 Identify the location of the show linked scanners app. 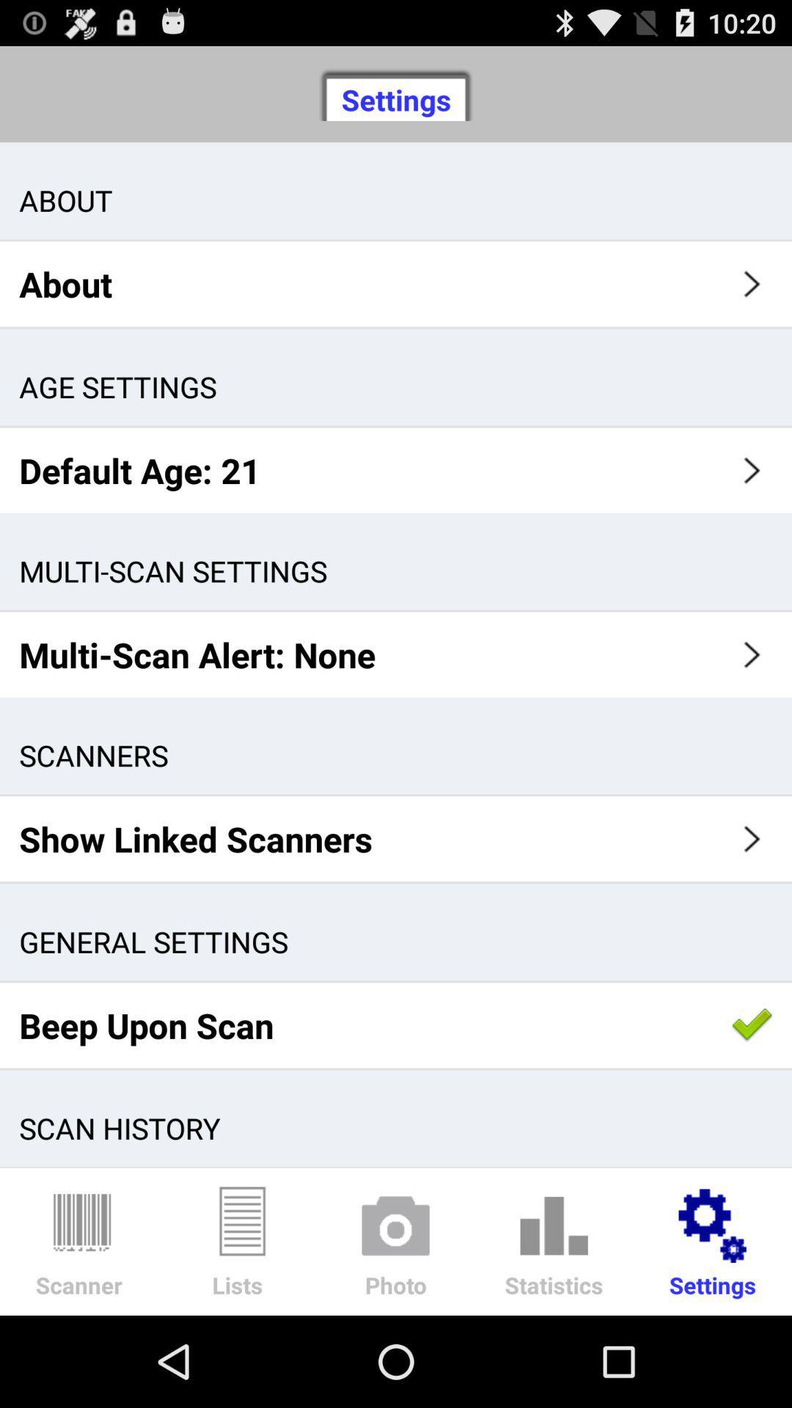
(396, 839).